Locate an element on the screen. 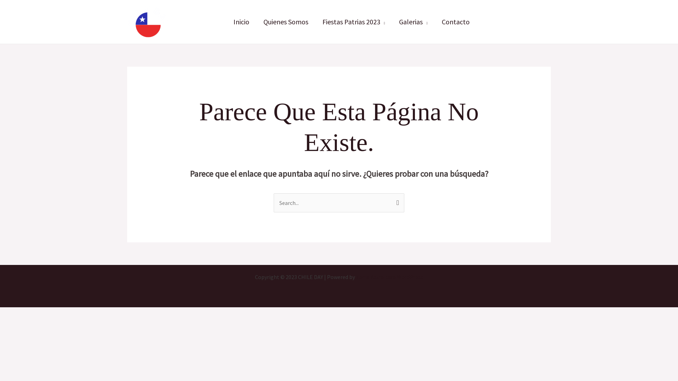  'Contacto' is located at coordinates (456, 21).